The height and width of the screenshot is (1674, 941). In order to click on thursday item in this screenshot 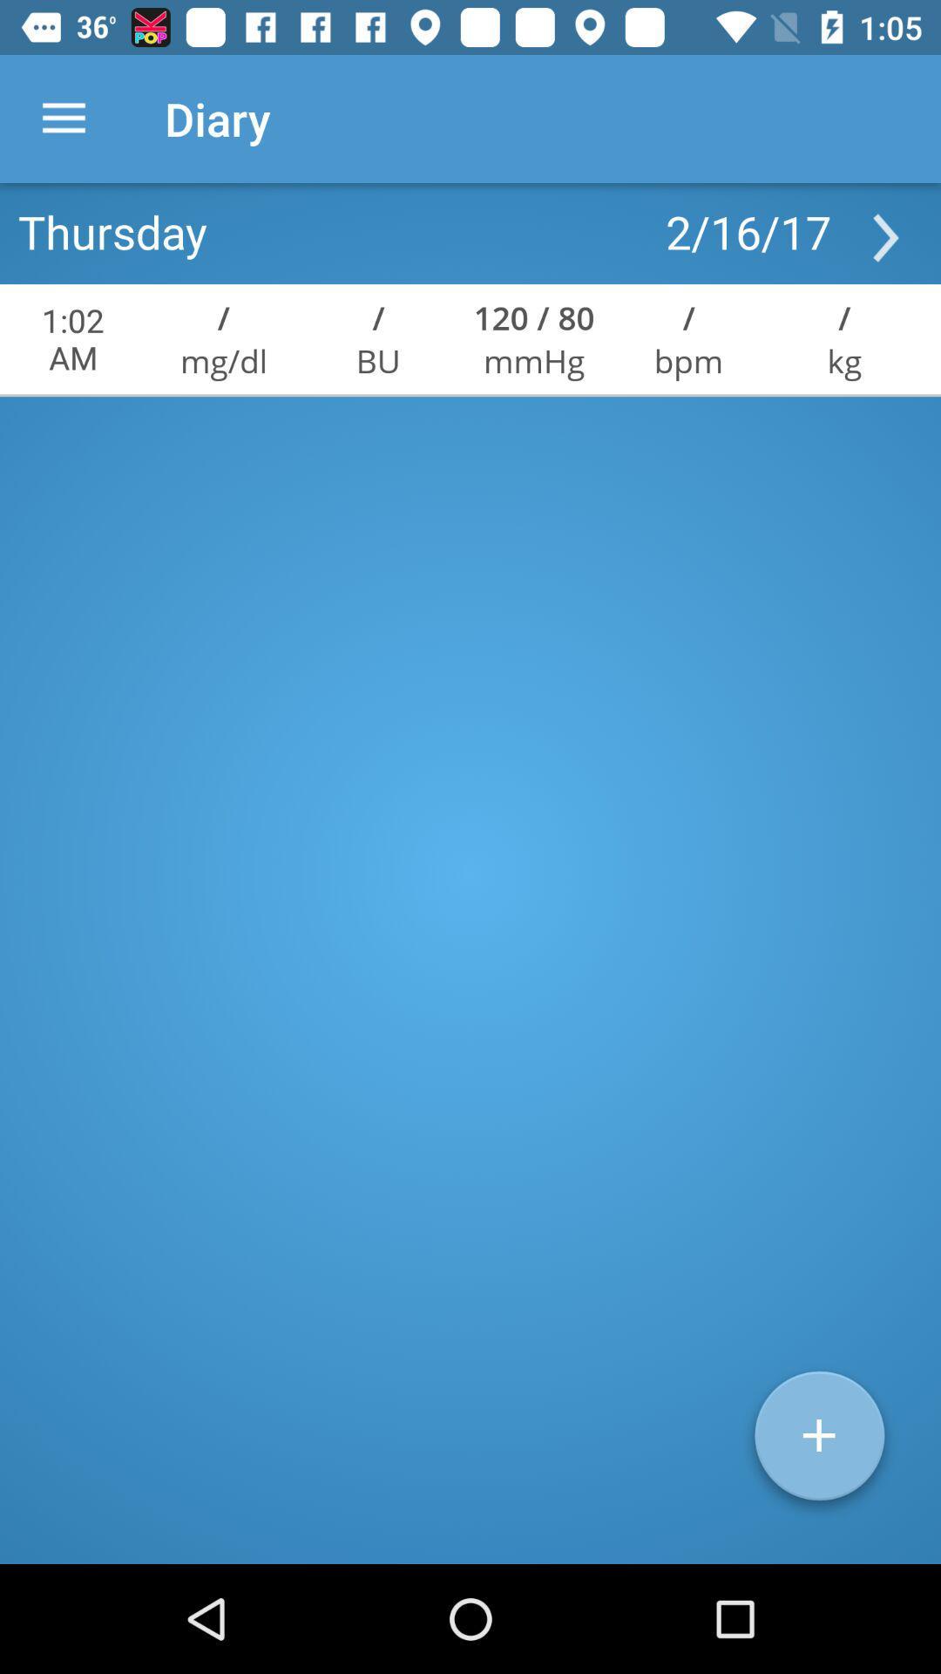, I will do `click(112, 230)`.